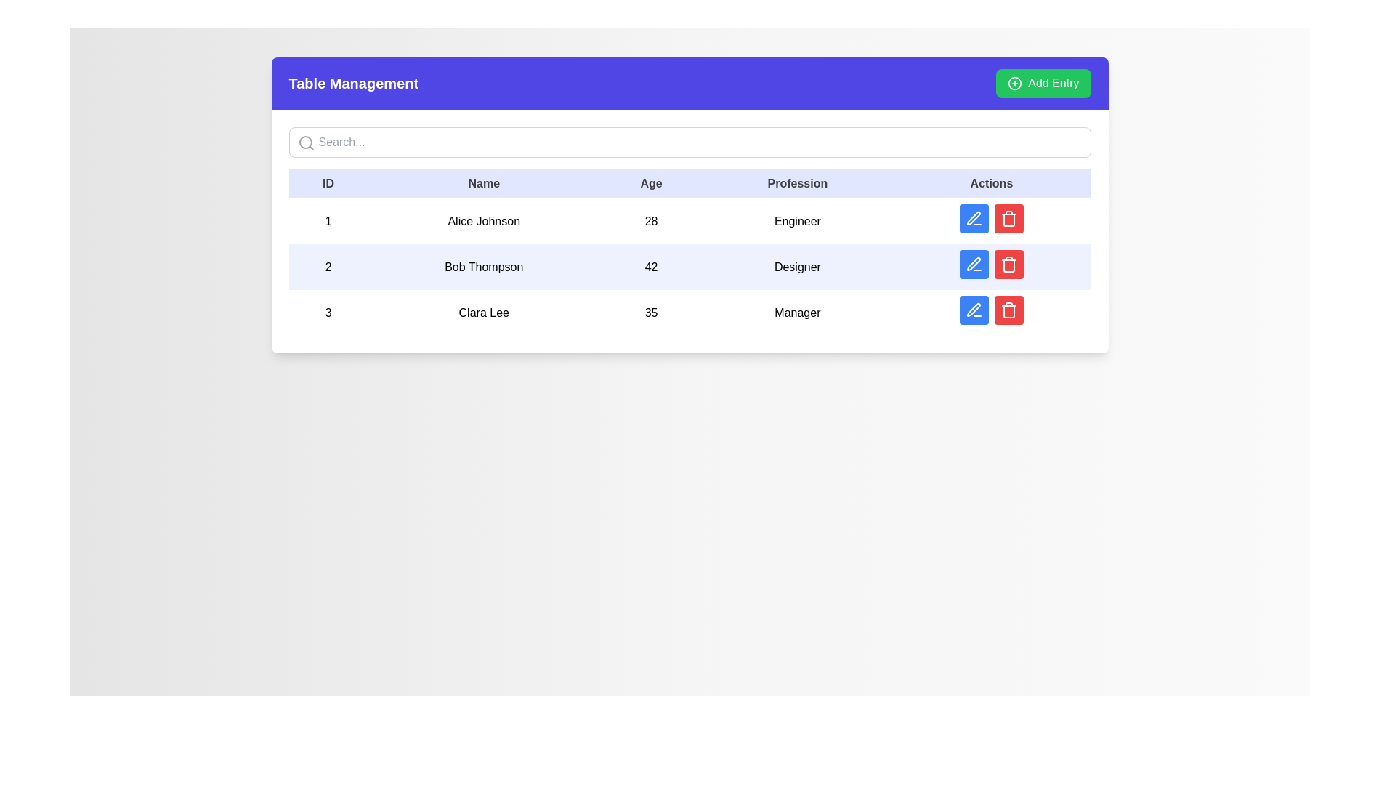  I want to click on the editing button in the 'Actions' column for the row associated with 'Bob Thompson' to initiate editing, so click(990, 266).